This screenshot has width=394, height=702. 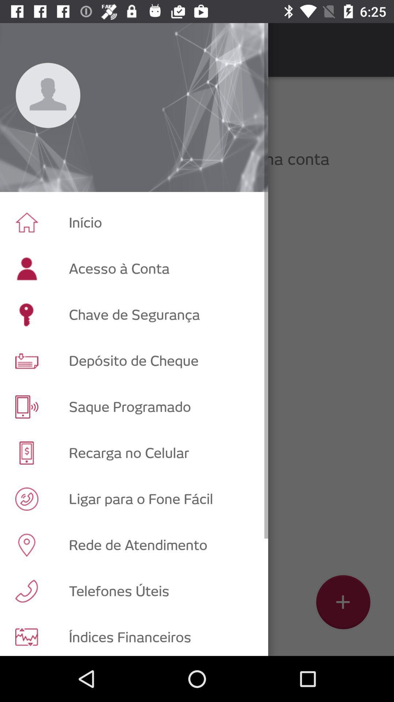 I want to click on the add icon, so click(x=343, y=605).